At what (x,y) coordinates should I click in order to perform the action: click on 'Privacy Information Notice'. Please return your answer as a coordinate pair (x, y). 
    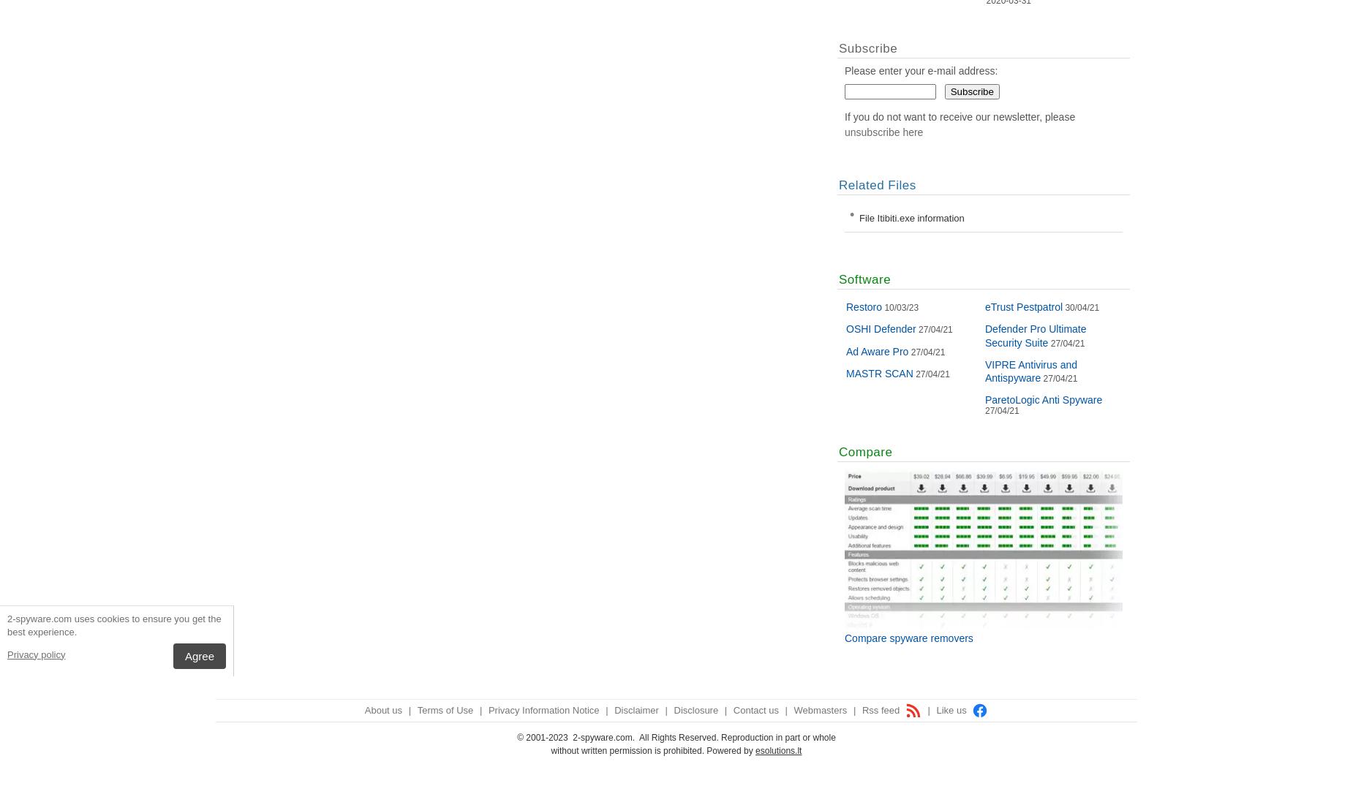
    Looking at the image, I should click on (487, 709).